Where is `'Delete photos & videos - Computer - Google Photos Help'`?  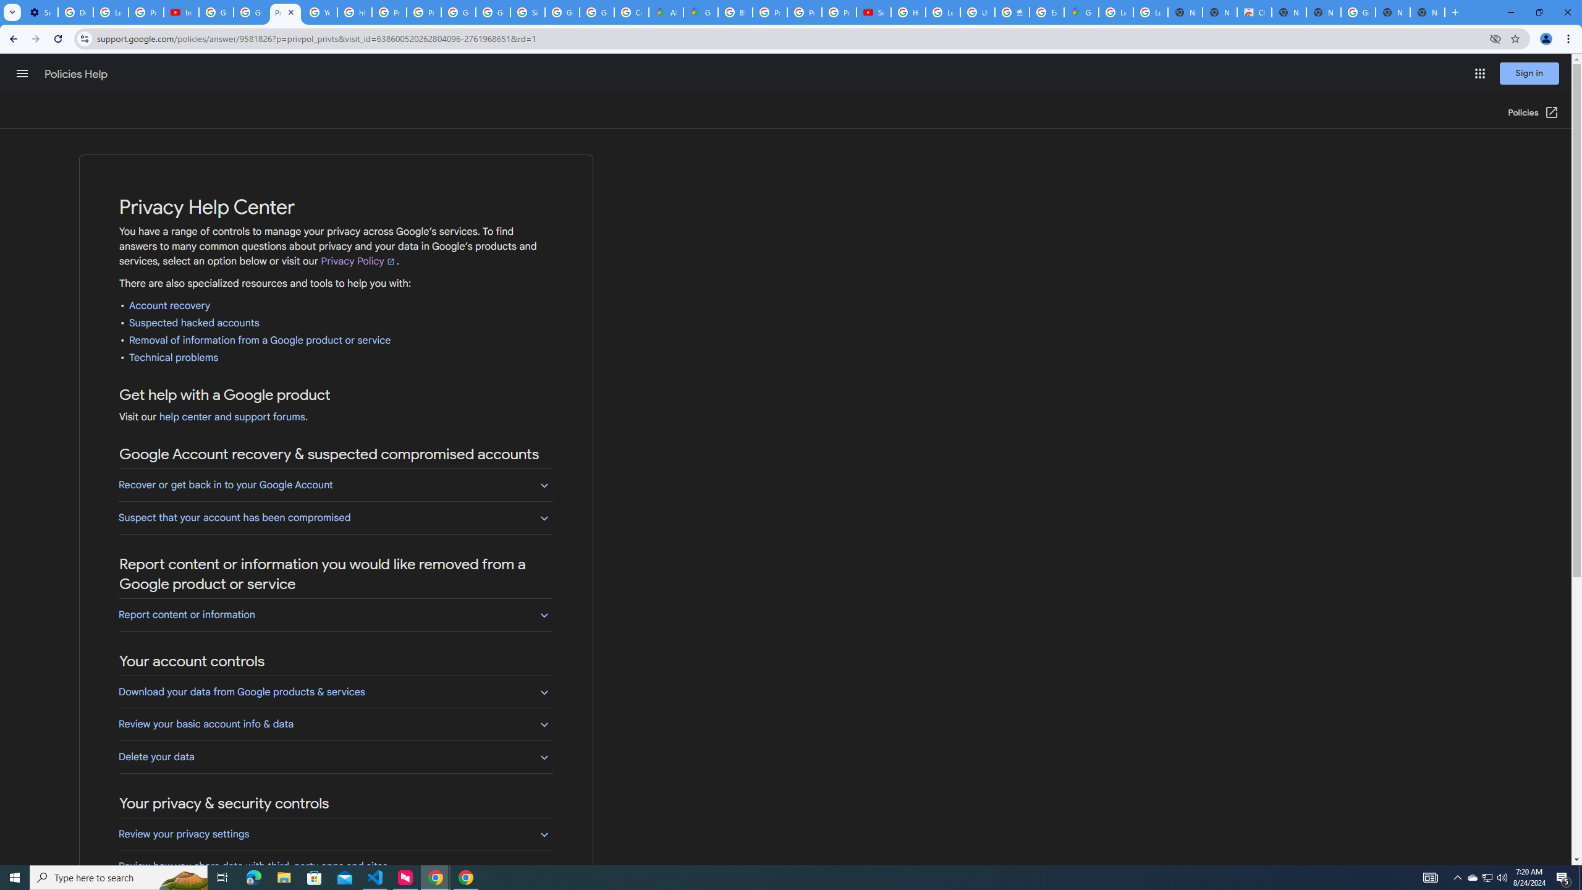
'Delete photos & videos - Computer - Google Photos Help' is located at coordinates (75, 12).